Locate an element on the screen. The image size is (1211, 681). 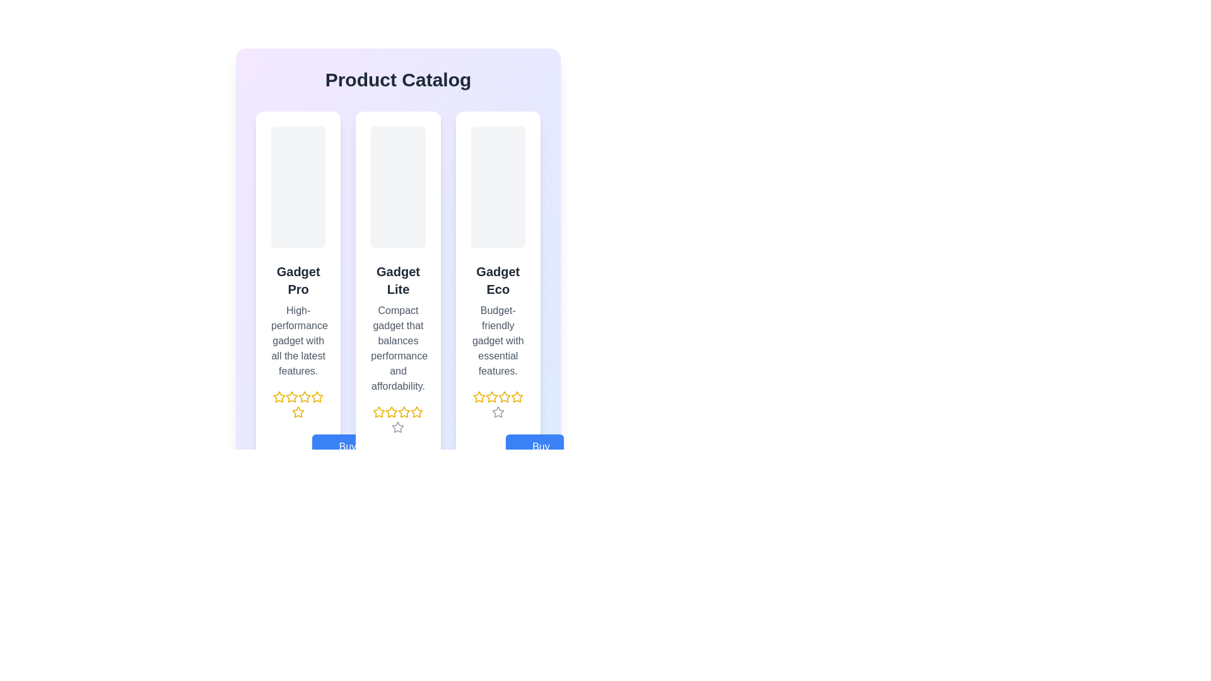
the third rating star icon with a yellow border, positioned below the 'Gadget Lite' product description in the middle card of the layout is located at coordinates (378, 412).